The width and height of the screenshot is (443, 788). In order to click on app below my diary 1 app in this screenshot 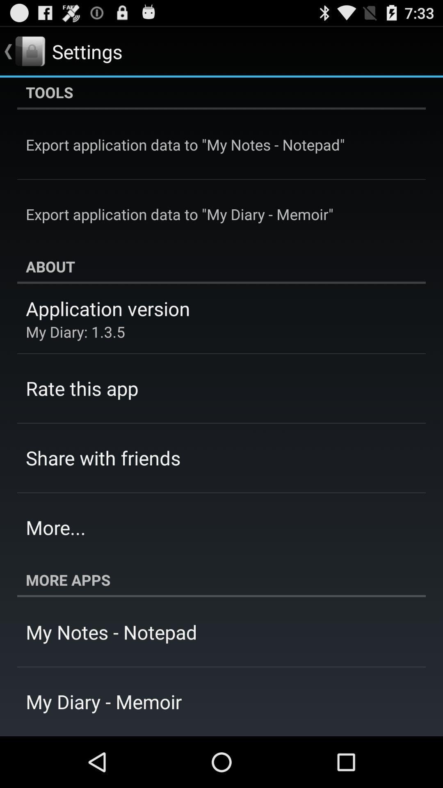, I will do `click(82, 388)`.